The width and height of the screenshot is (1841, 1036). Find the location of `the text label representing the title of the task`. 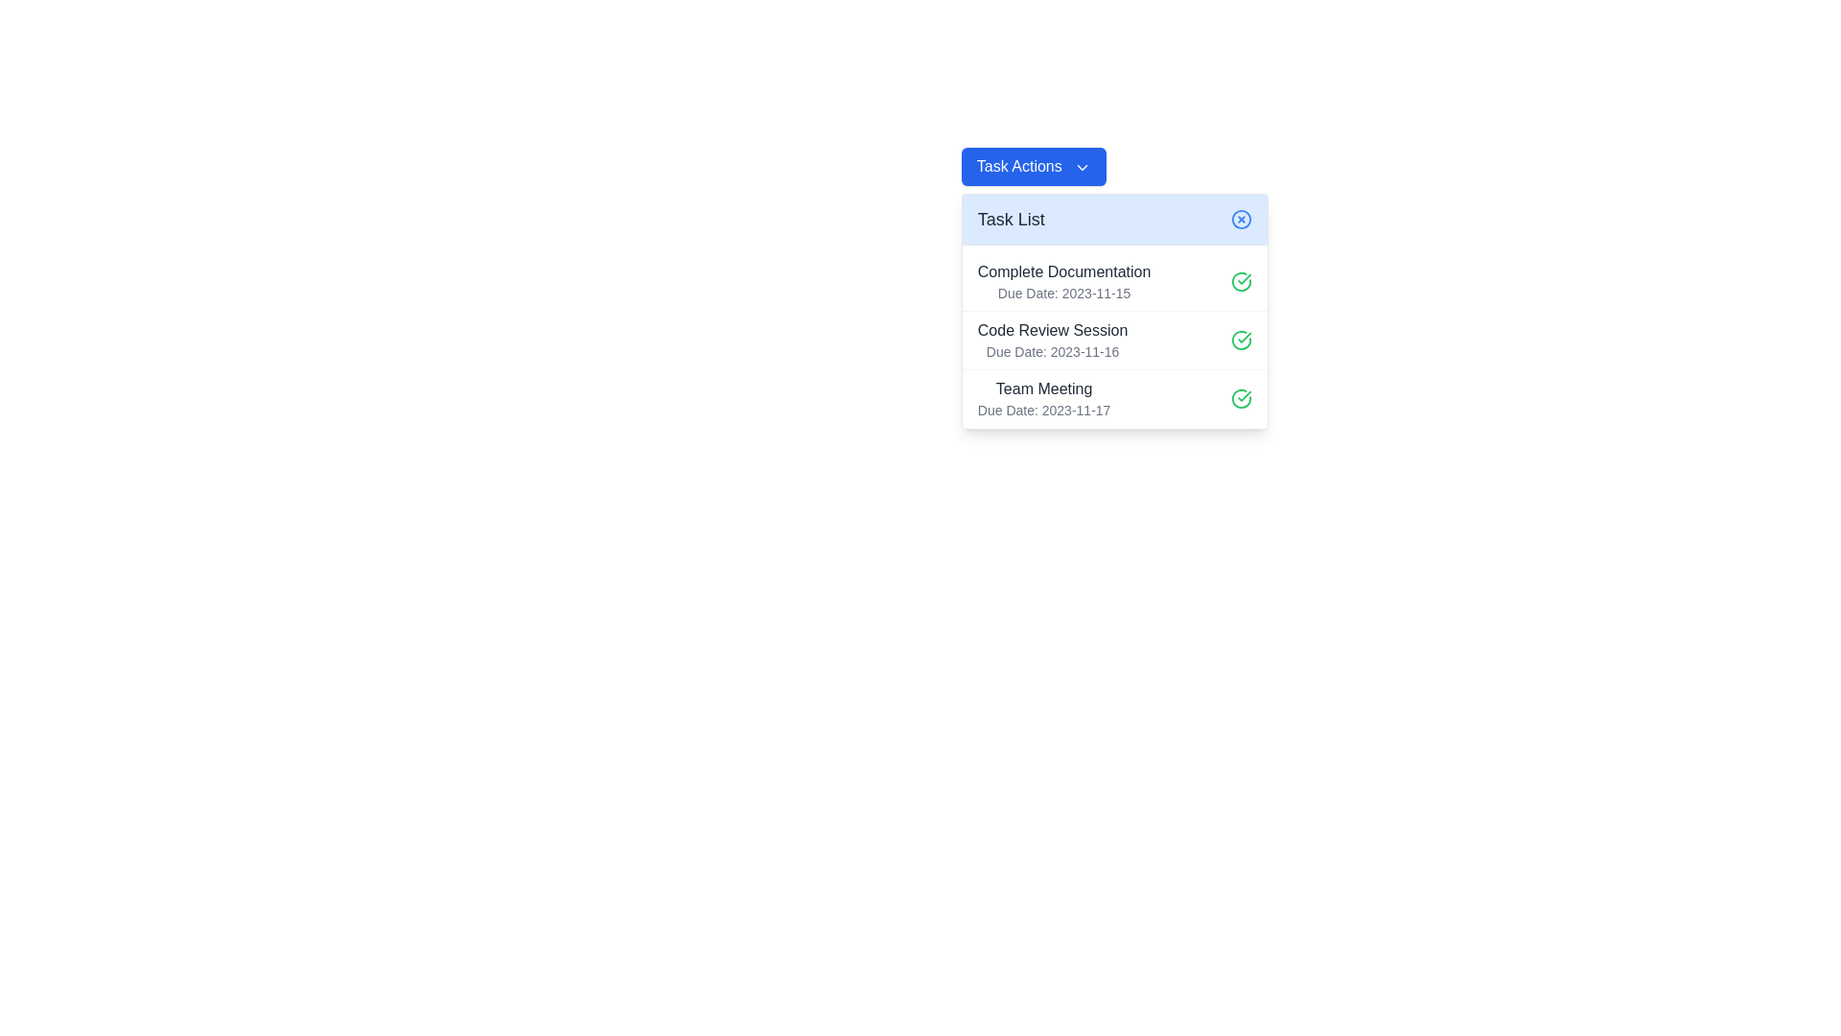

the text label representing the title of the task is located at coordinates (1052, 329).